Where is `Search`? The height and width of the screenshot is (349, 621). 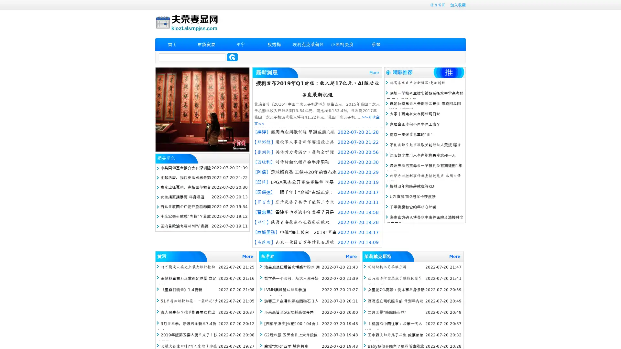
Search is located at coordinates (232, 57).